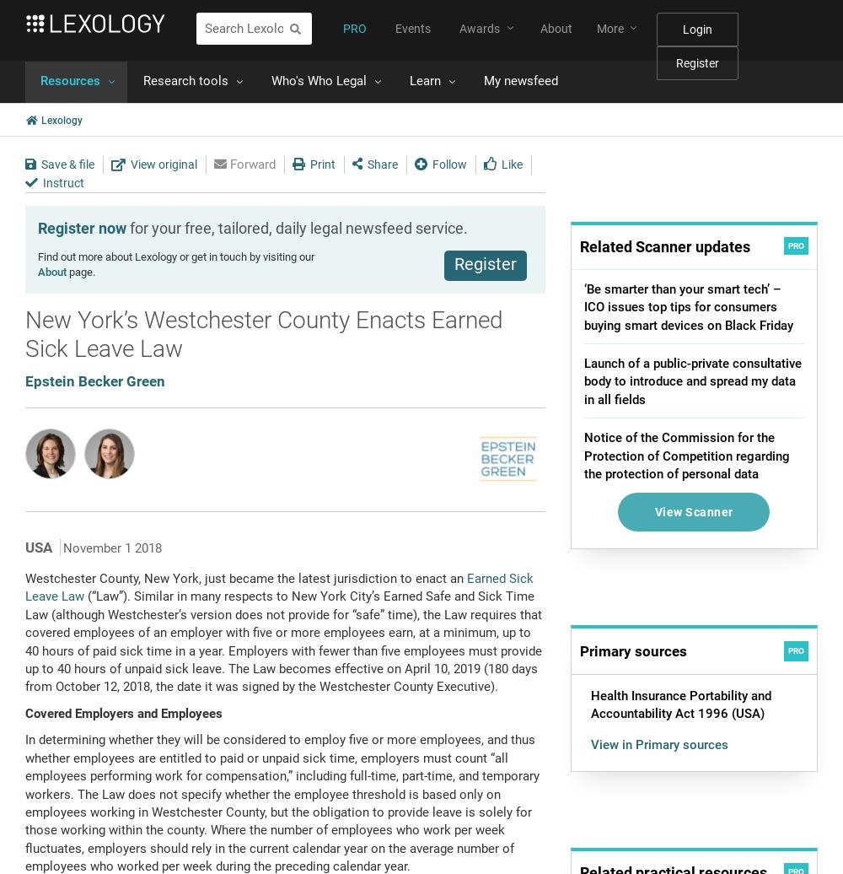  Describe the element at coordinates (282, 641) in the screenshot. I see `'(“Law”). Similar in many respects to New York City’s Earned Safe and Sick Time Law (although Westchester’s version does not provide for “safe” time), the Law requires that covered employees of an employer with five or more employees earn, at a minimum, up to 40 hours of paid sick time in a year. Employers with fewer than five employees must provide up to 40 hours of unpaid sick leave. The Law becomes effective on April 10, 2019 (180 days from October 12, 2018, the date it was signed by the Westchester County Executive).'` at that location.